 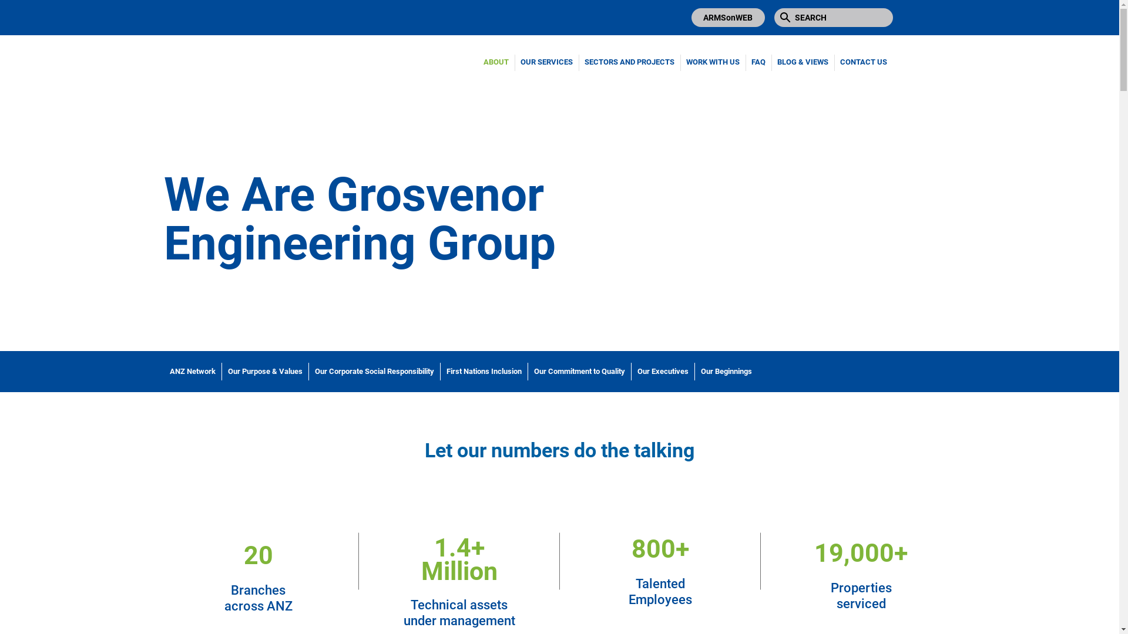 What do you see at coordinates (727, 18) in the screenshot?
I see `'ARMSonWEB'` at bounding box center [727, 18].